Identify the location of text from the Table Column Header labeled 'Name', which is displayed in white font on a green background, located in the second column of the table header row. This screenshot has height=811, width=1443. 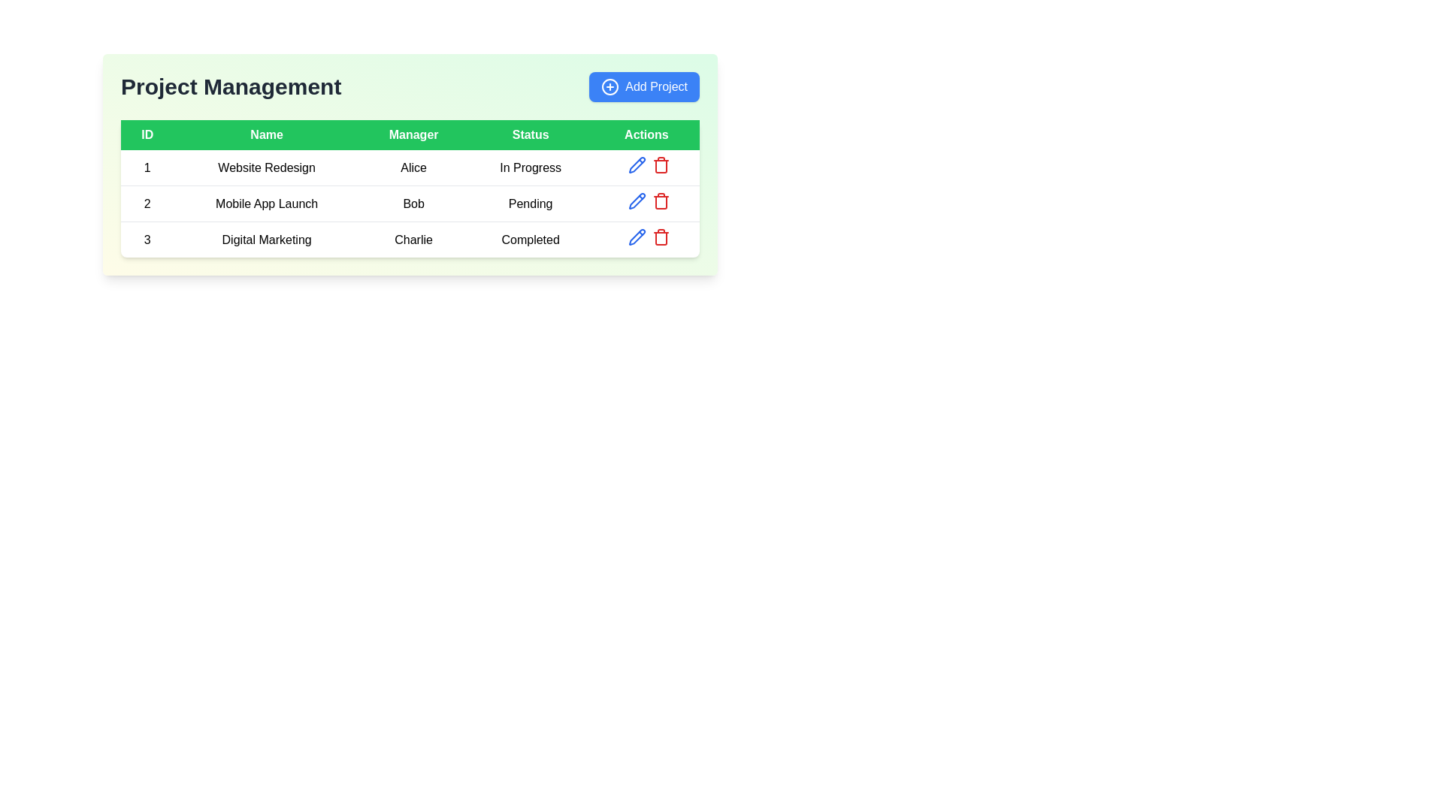
(267, 135).